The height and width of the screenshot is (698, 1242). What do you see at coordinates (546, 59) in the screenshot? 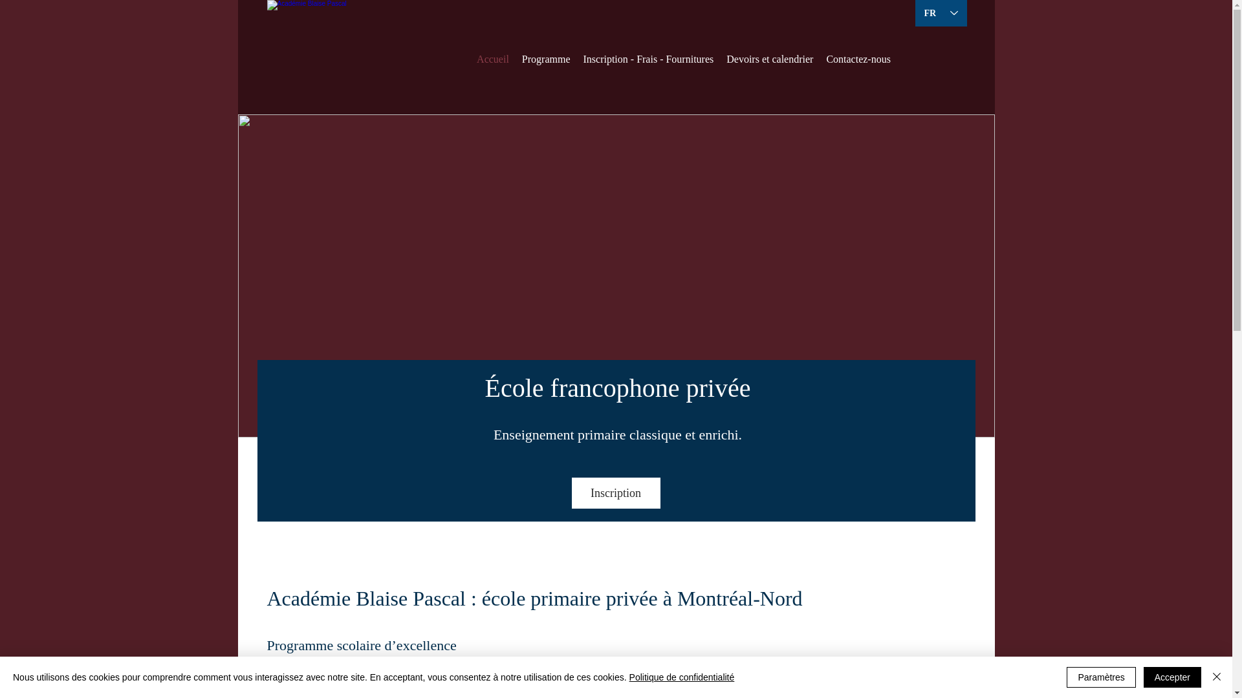
I see `'Programme'` at bounding box center [546, 59].